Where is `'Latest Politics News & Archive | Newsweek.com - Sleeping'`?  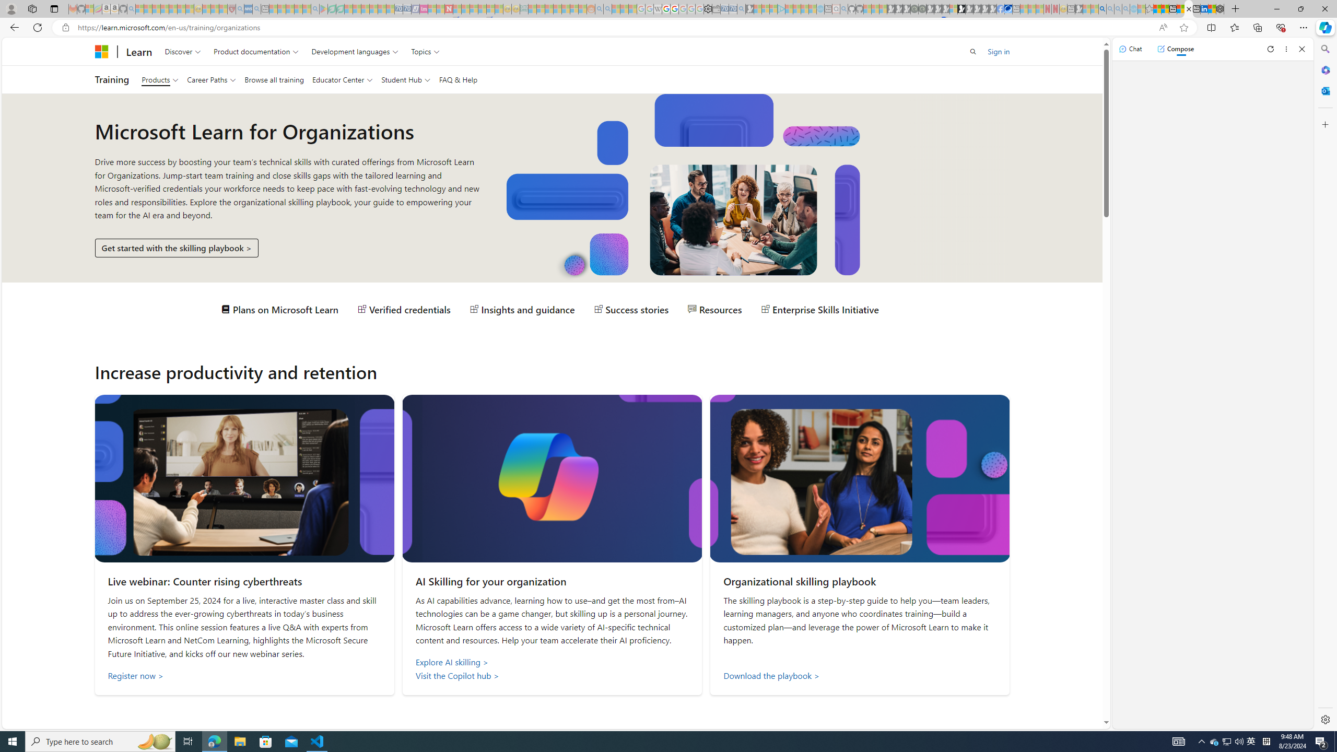
'Latest Politics News & Archive | Newsweek.com - Sleeping' is located at coordinates (448, 8).